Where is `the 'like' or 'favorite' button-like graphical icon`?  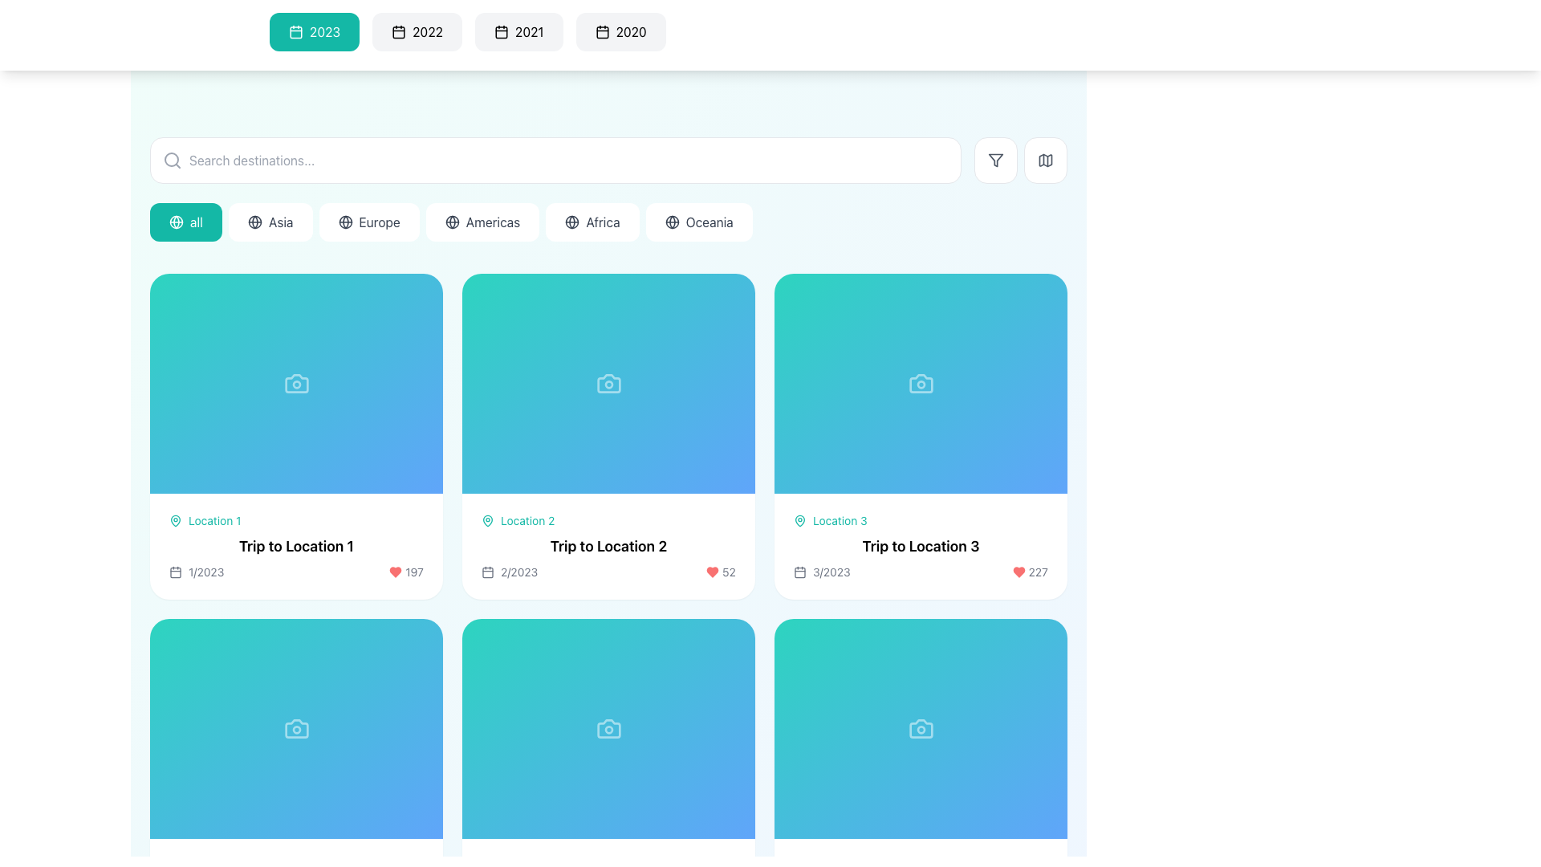
the 'like' or 'favorite' button-like graphical icon is located at coordinates (1018, 571).